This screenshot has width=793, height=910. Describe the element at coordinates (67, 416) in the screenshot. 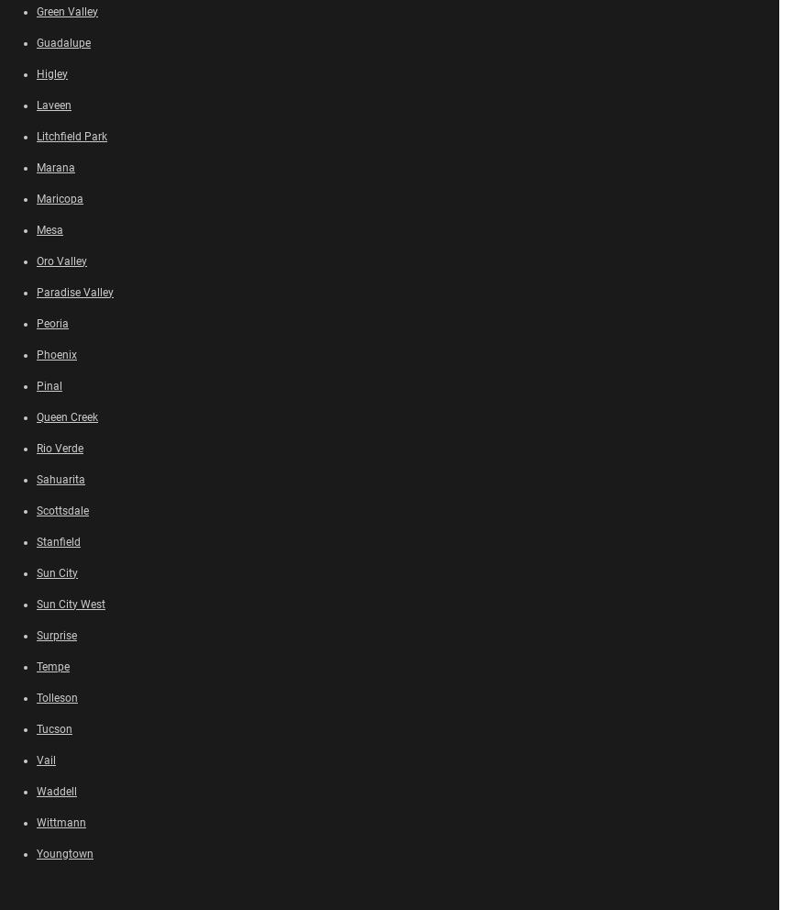

I see `'Queen Creek'` at that location.